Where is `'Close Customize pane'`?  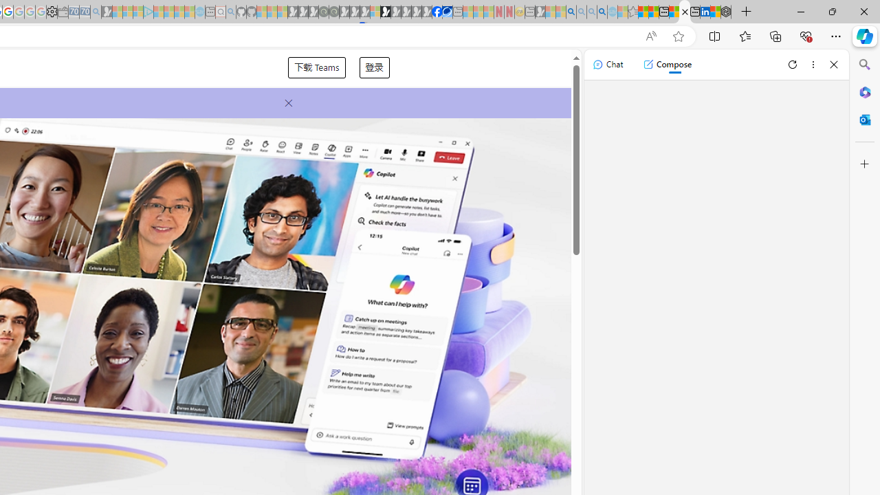
'Close Customize pane' is located at coordinates (864, 164).